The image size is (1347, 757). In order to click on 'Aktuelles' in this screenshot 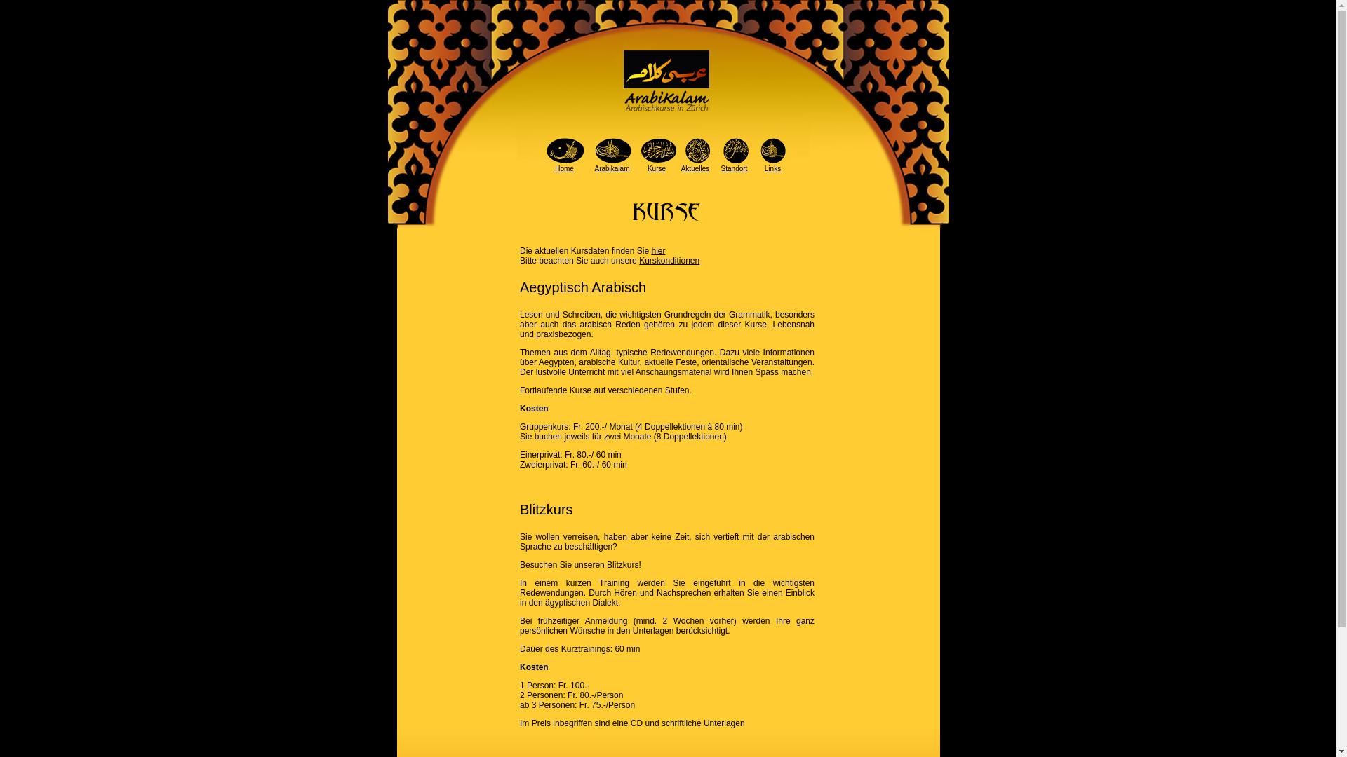, I will do `click(695, 168)`.